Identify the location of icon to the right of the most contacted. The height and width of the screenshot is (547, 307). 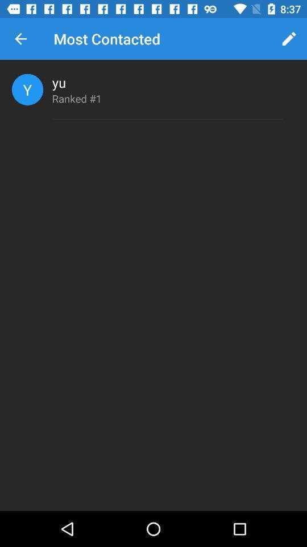
(289, 39).